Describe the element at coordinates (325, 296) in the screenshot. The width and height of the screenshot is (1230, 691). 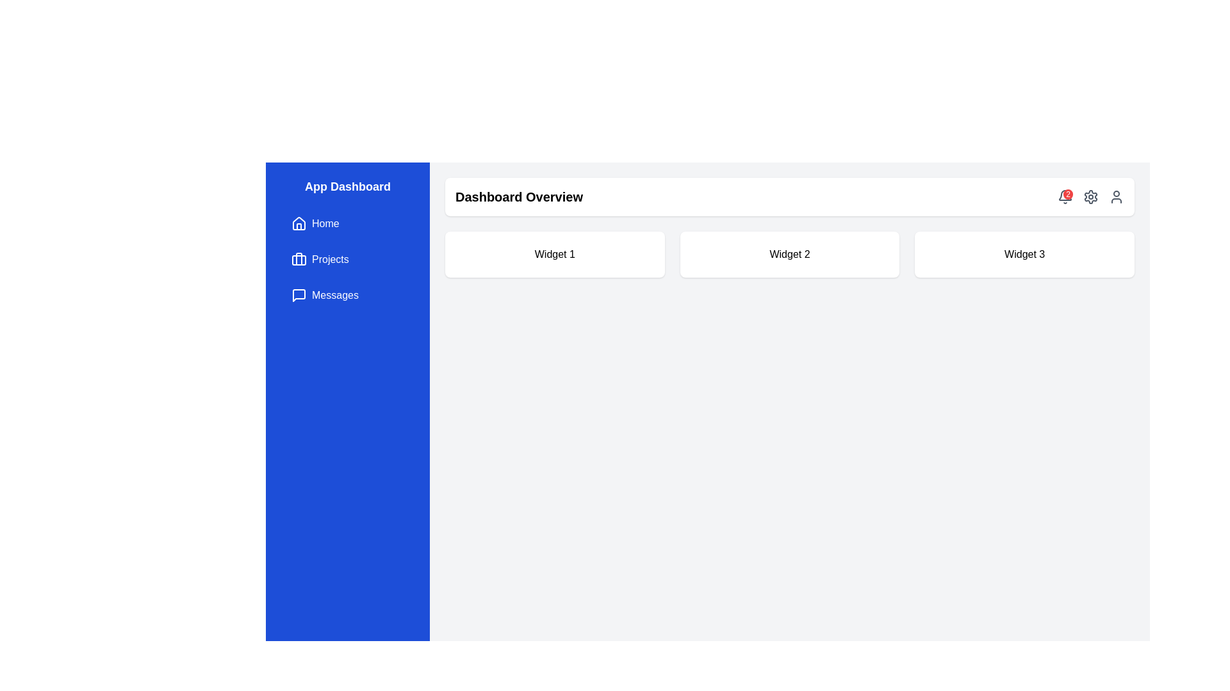
I see `the 'Messages' button, which is a rectangular button with a blue background and contains a chat bubble icon on the left and the text 'Messages' in white on the right, positioned in the sidebar below the 'Projects' button` at that location.